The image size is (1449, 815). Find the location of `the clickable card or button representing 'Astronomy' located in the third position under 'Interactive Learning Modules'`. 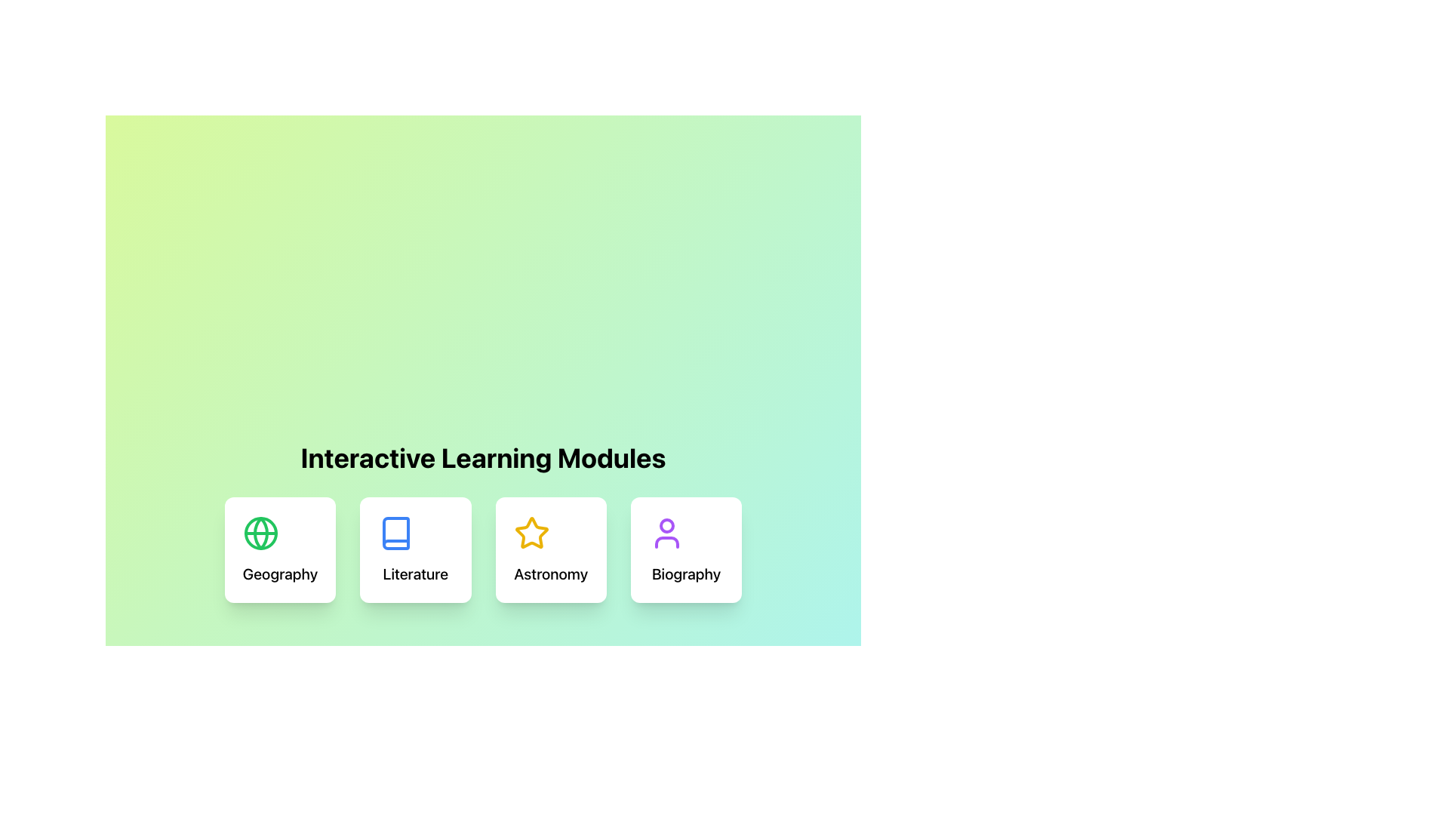

the clickable card or button representing 'Astronomy' located in the third position under 'Interactive Learning Modules' is located at coordinates (550, 550).